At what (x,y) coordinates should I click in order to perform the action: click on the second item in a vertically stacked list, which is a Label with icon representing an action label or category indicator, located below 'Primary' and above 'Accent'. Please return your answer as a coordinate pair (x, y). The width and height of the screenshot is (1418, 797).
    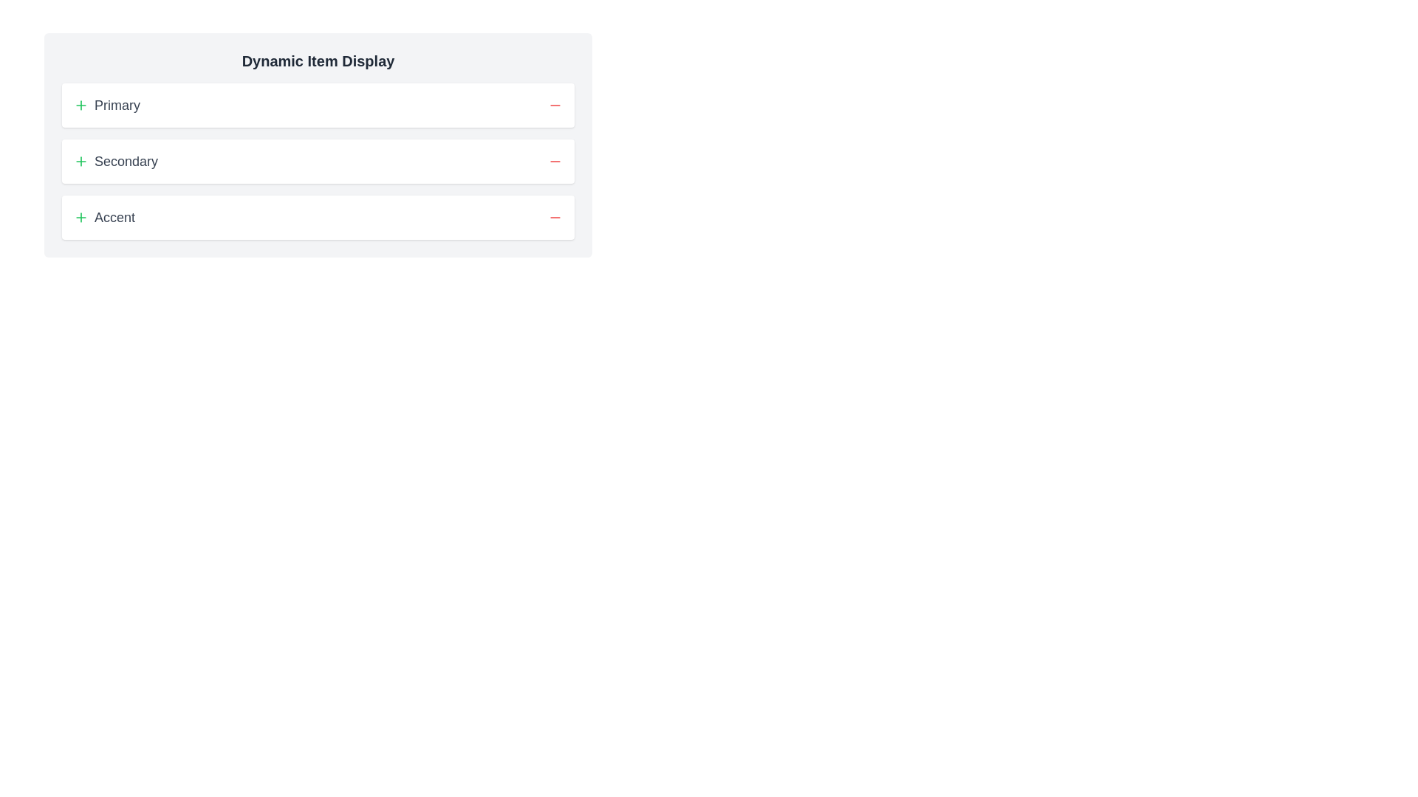
    Looking at the image, I should click on (115, 162).